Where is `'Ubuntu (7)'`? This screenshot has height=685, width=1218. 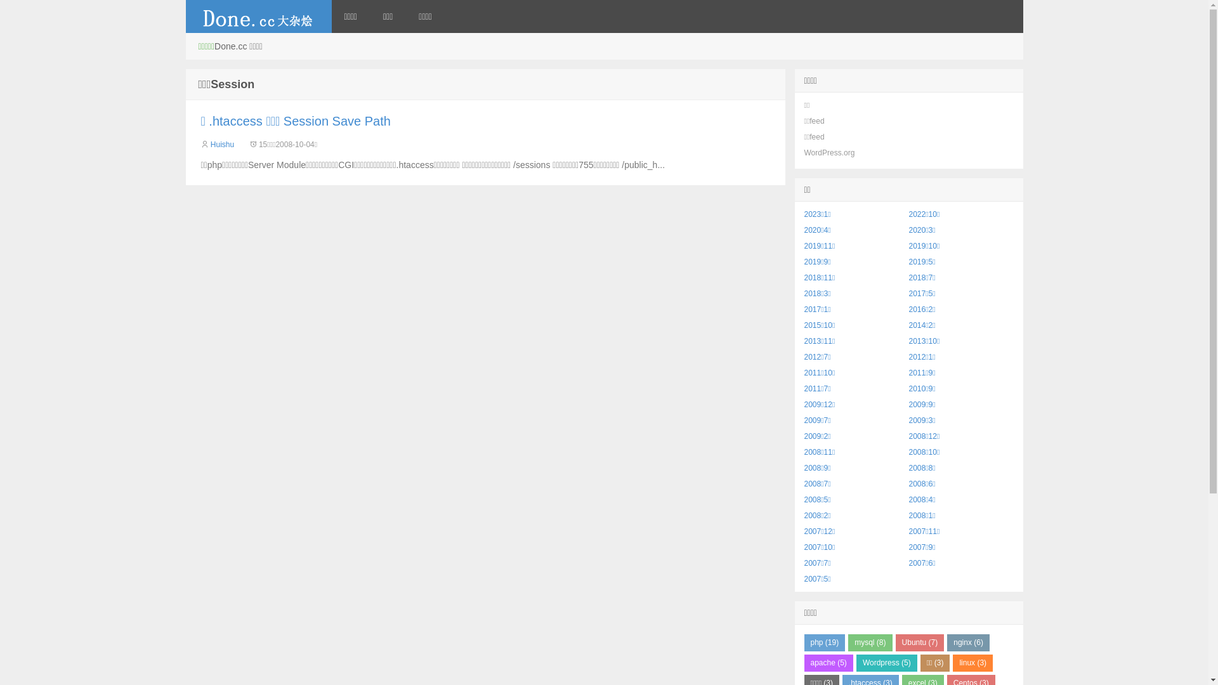 'Ubuntu (7)' is located at coordinates (920, 643).